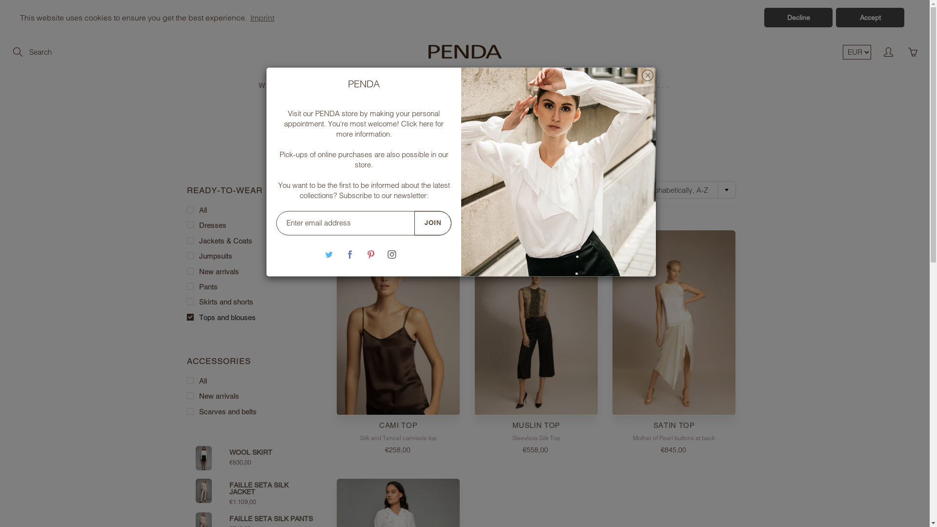  I want to click on 'FAILLE SETA SILK JACKET', so click(229, 488).